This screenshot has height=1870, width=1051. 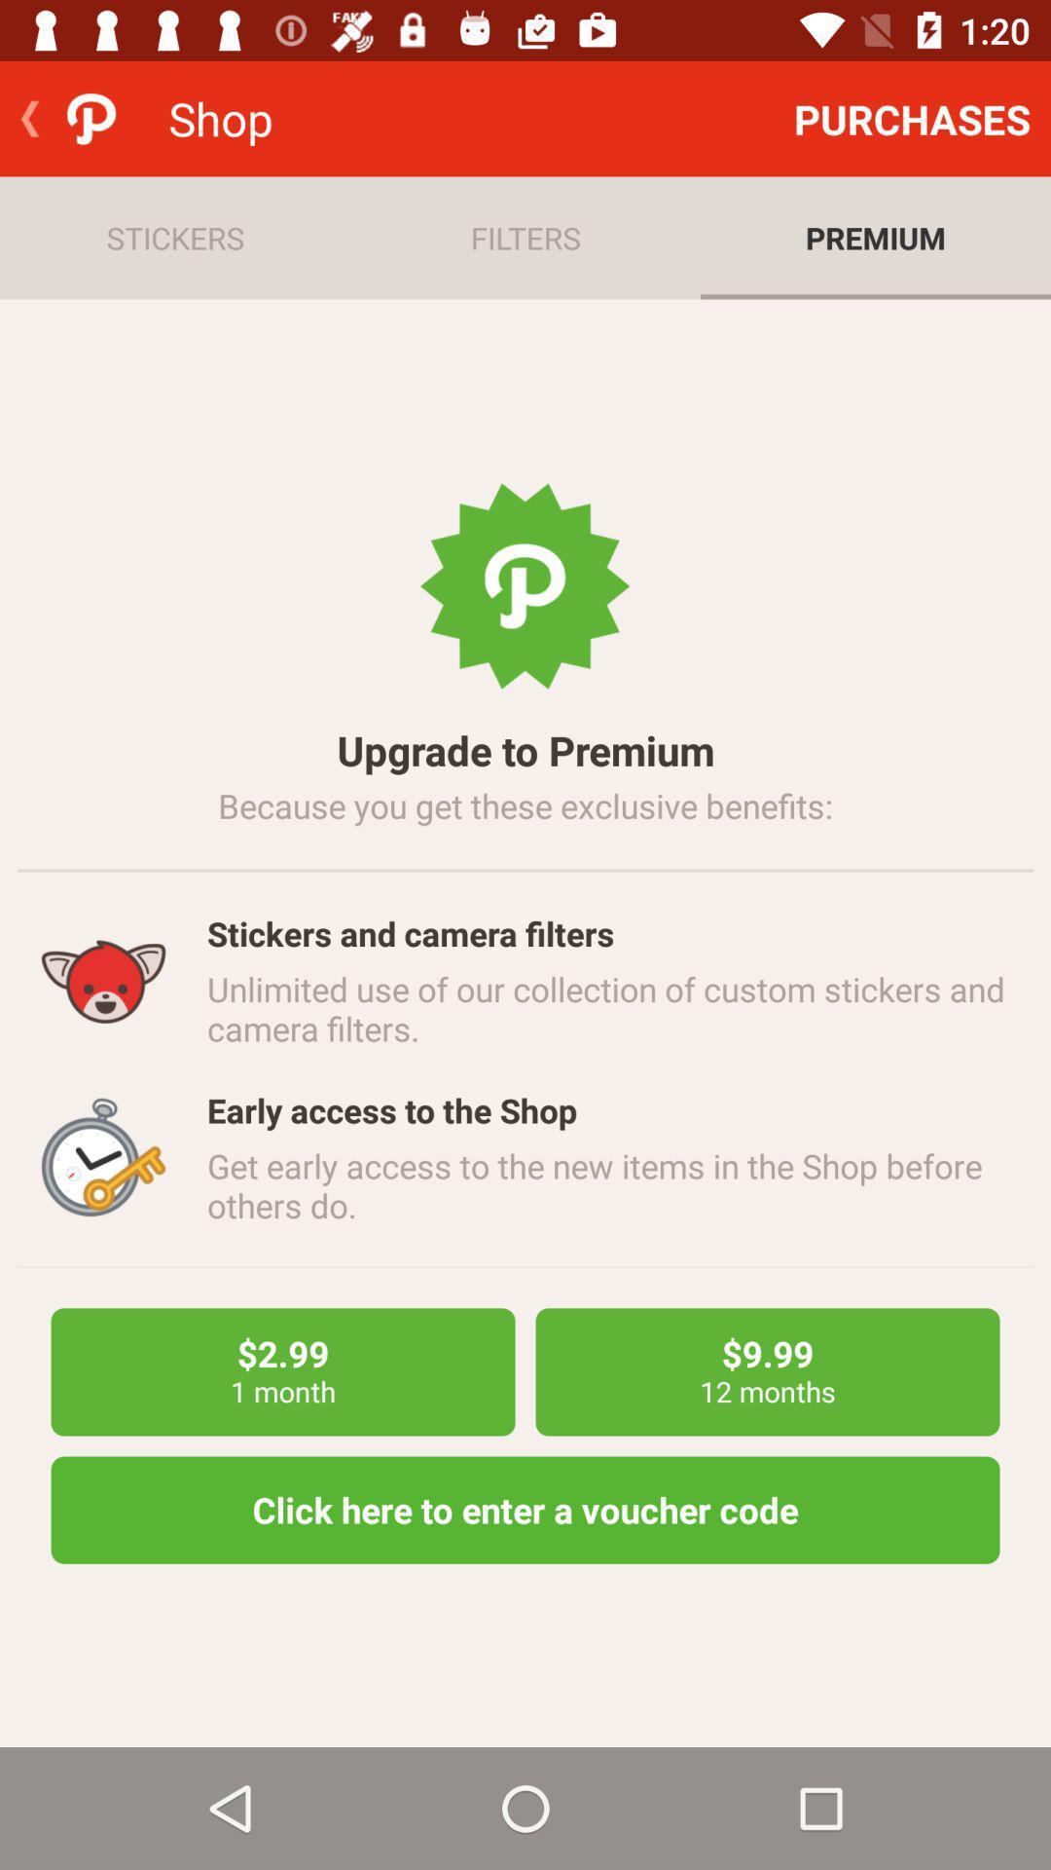 What do you see at coordinates (912, 118) in the screenshot?
I see `app to the right of shop icon` at bounding box center [912, 118].